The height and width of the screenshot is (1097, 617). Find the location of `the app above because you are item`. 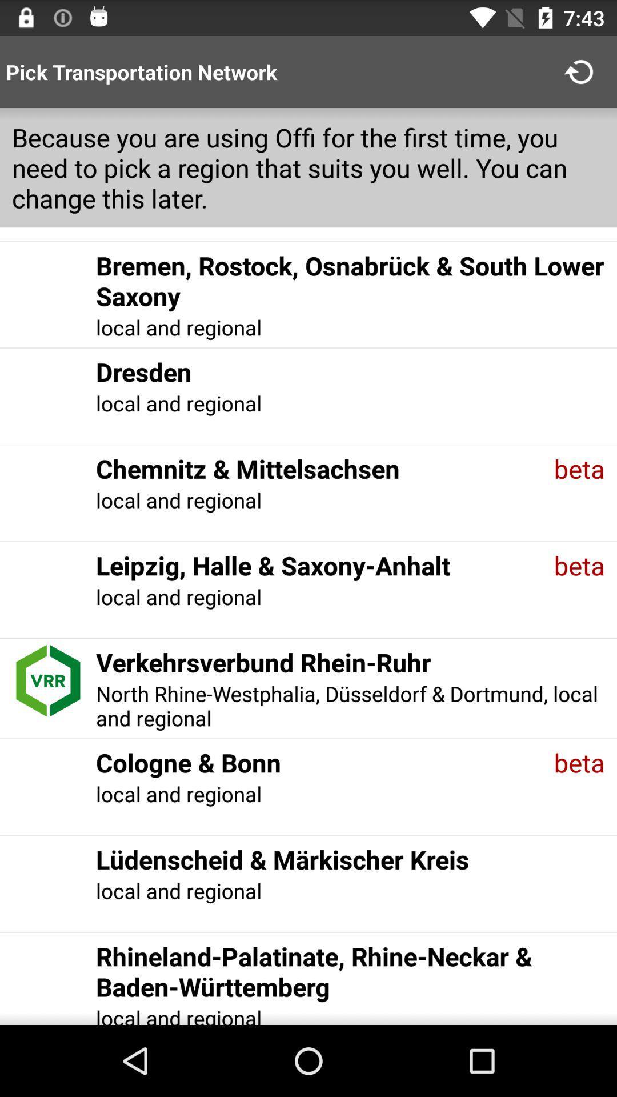

the app above because you are item is located at coordinates (581, 71).